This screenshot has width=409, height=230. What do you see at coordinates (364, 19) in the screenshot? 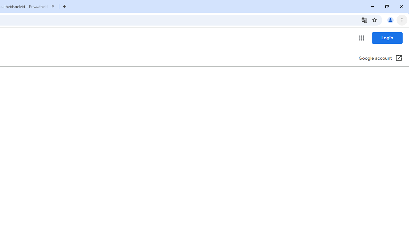
I see `'Translate this page'` at bounding box center [364, 19].